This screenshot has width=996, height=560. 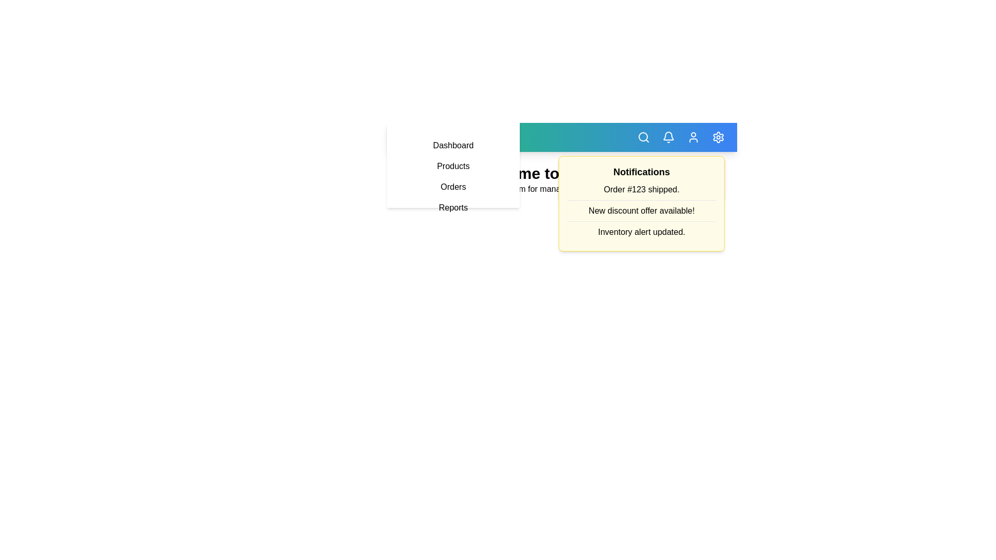 What do you see at coordinates (694, 137) in the screenshot?
I see `the user silhouette icon located in the header bar, which is styled in blue and positioned to the left of the gear icon` at bounding box center [694, 137].